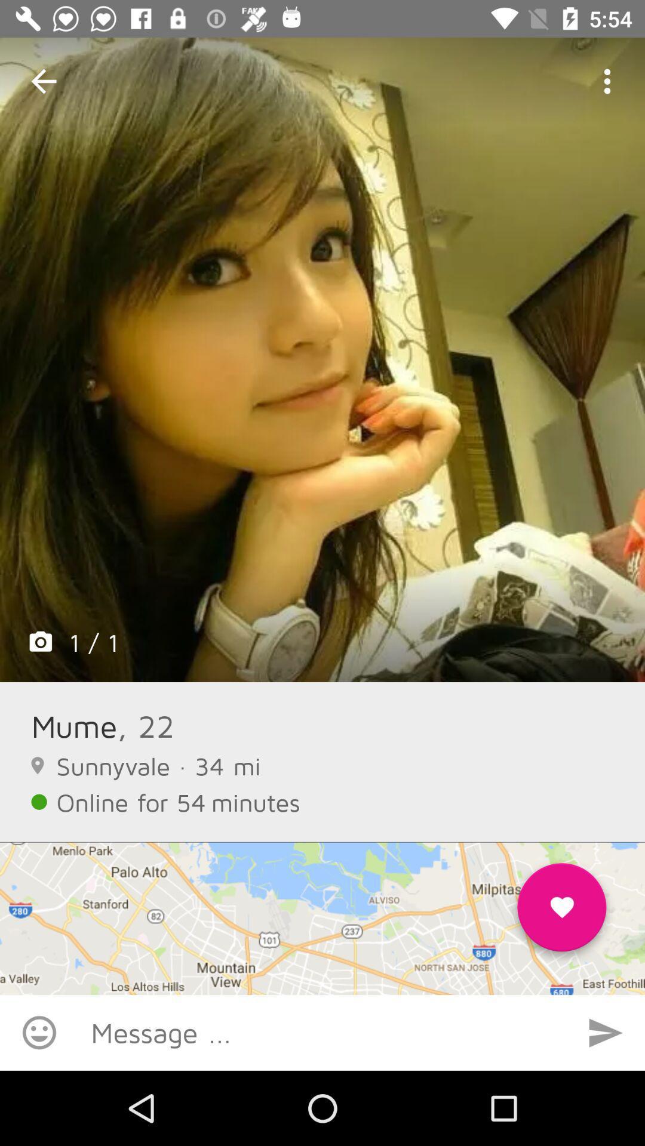 The width and height of the screenshot is (645, 1146). What do you see at coordinates (322, 359) in the screenshot?
I see `contact image` at bounding box center [322, 359].